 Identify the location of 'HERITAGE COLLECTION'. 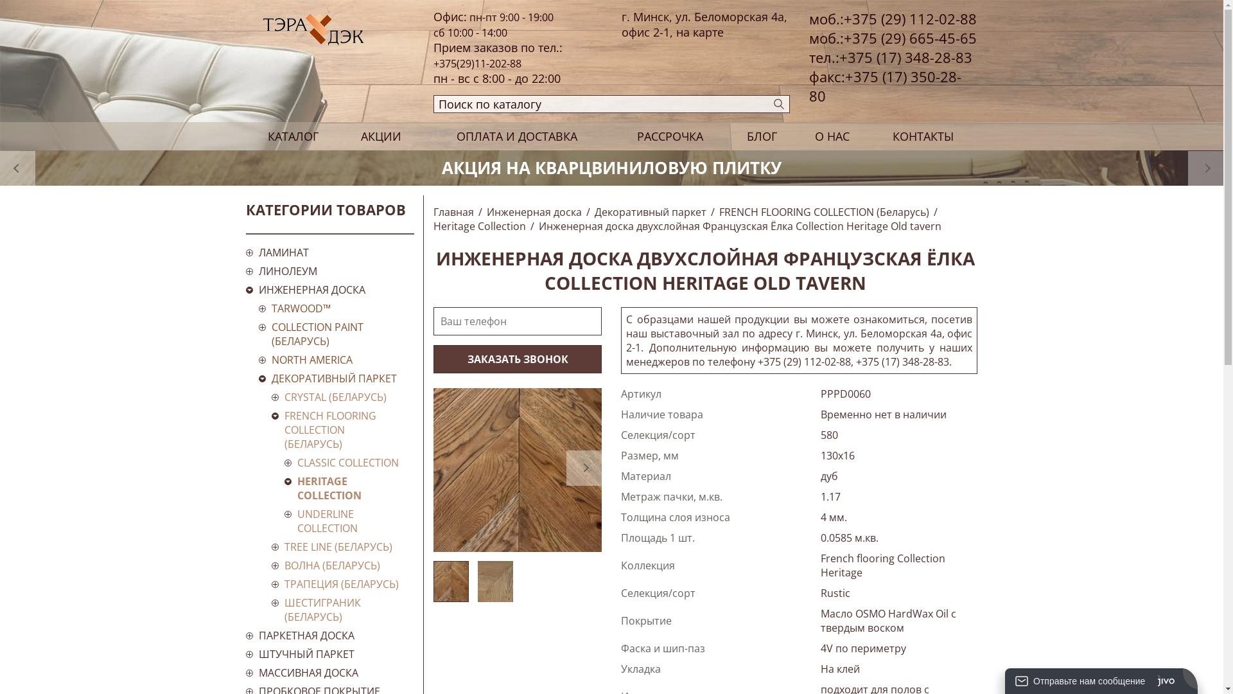
(295, 488).